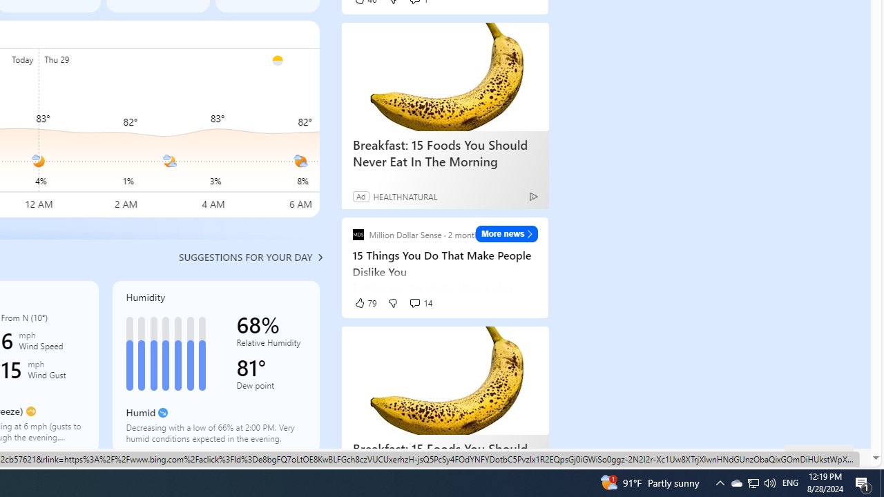 The image size is (884, 497). What do you see at coordinates (404, 196) in the screenshot?
I see `'HEALTHNATURAL'` at bounding box center [404, 196].